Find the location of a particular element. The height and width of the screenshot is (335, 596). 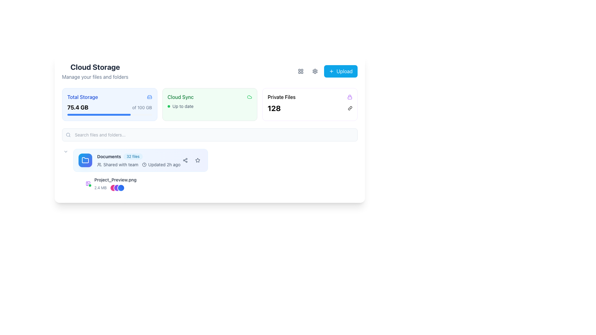

the 'Private Files' card is located at coordinates (314, 117).